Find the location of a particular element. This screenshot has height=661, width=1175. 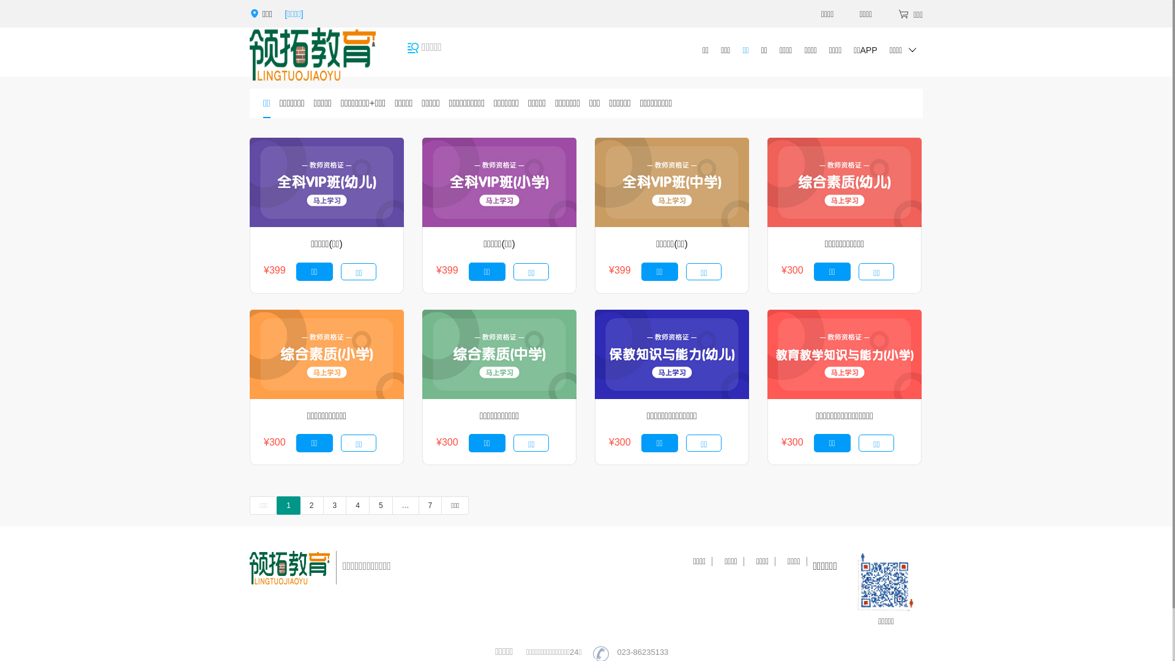

'7' is located at coordinates (430, 505).